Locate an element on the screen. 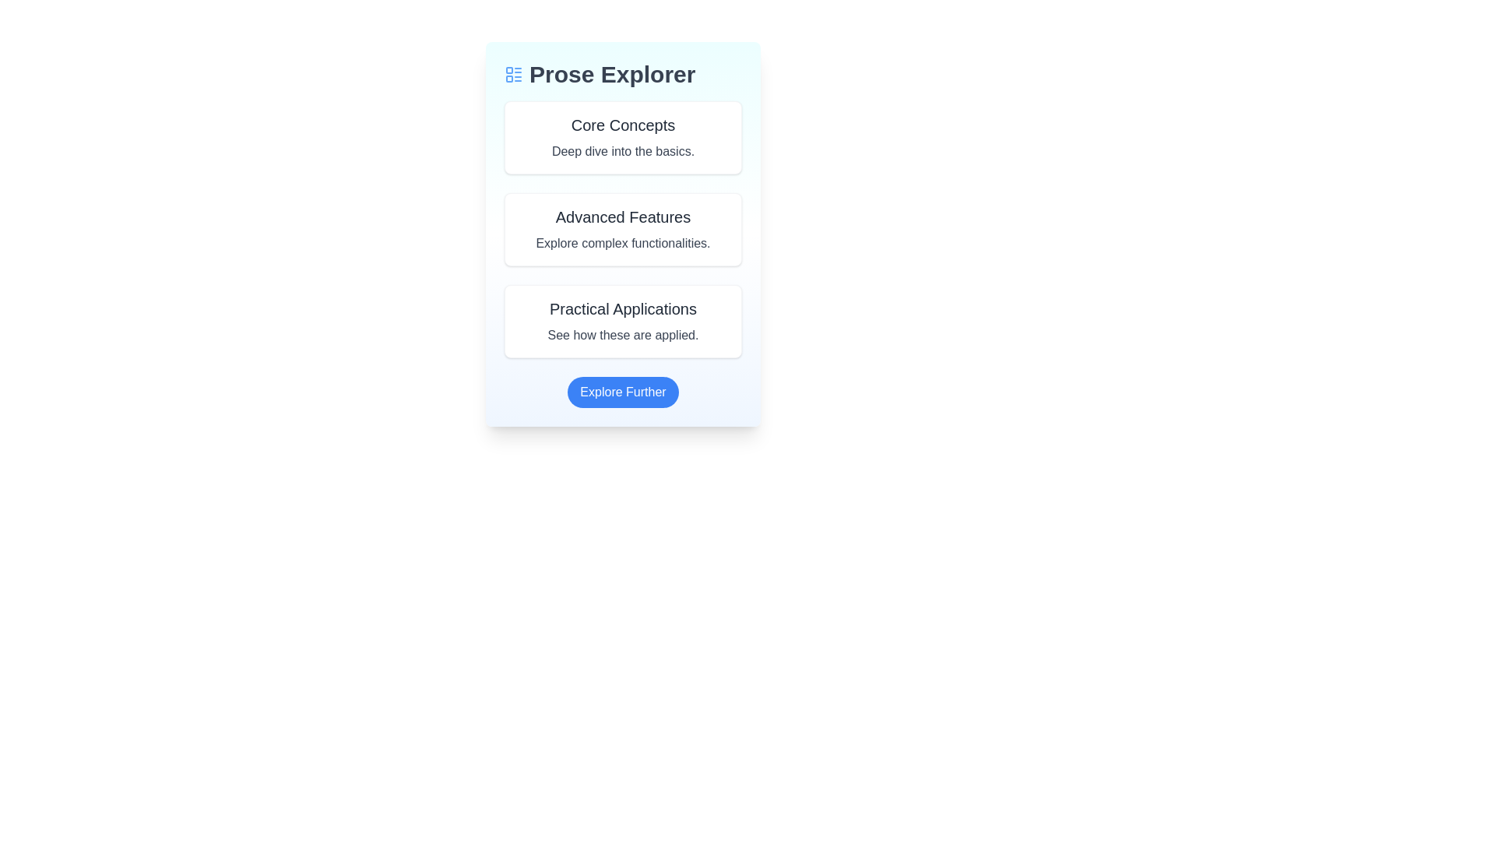 This screenshot has width=1495, height=841. the text label reading 'Deep dive into the basics.' which is styled in a smaller font size and located beneath the title 'Core Concepts' is located at coordinates (623, 152).